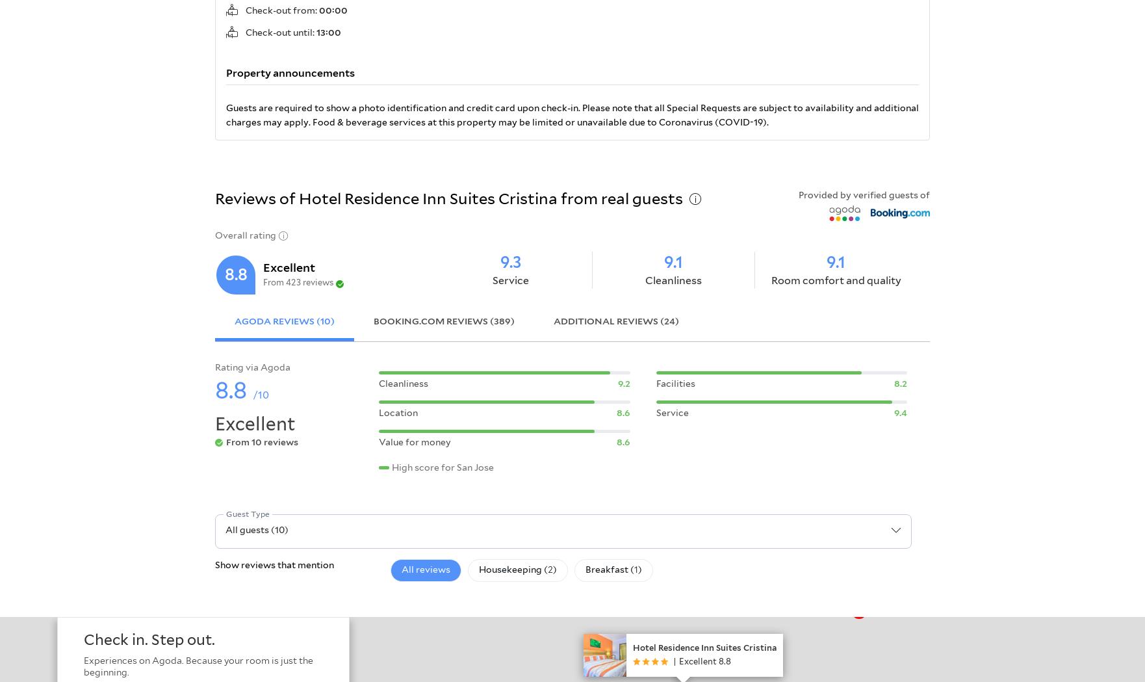 The width and height of the screenshot is (1145, 682). Describe the element at coordinates (509, 570) in the screenshot. I see `'Housekeeping'` at that location.